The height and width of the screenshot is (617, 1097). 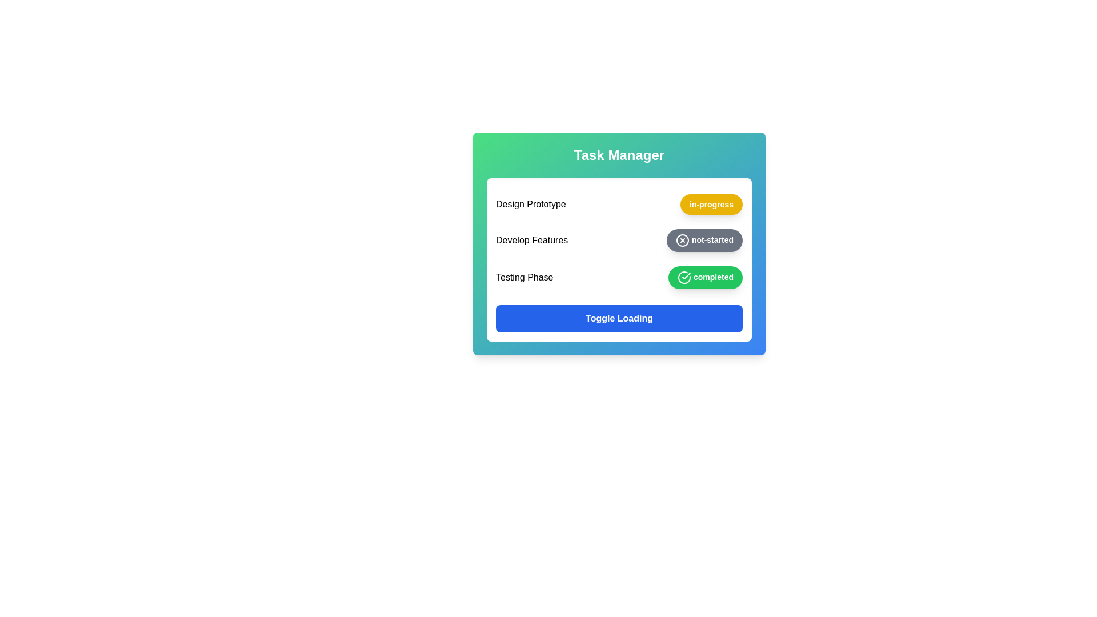 I want to click on the checkmark icon with a green background and white outline, which is located on the right side of the 'Testing Phase' task in the 'completed' section, so click(x=684, y=278).